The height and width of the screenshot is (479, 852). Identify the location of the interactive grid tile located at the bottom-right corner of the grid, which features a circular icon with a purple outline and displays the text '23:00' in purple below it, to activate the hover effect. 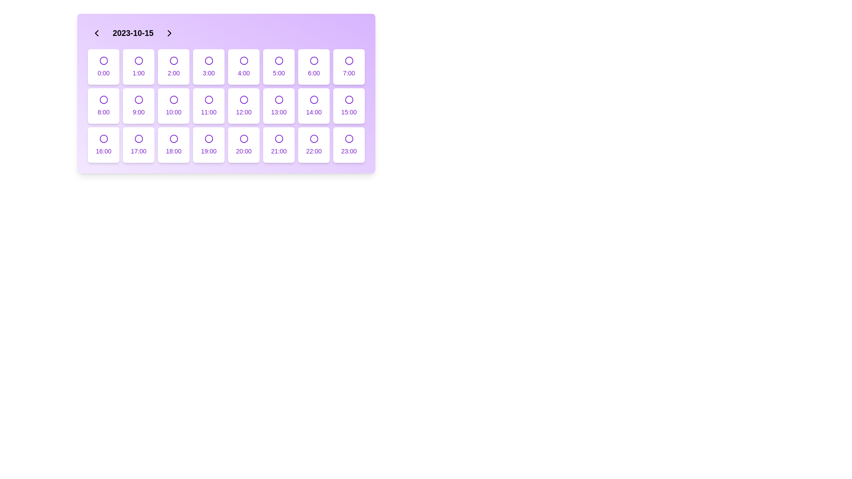
(348, 145).